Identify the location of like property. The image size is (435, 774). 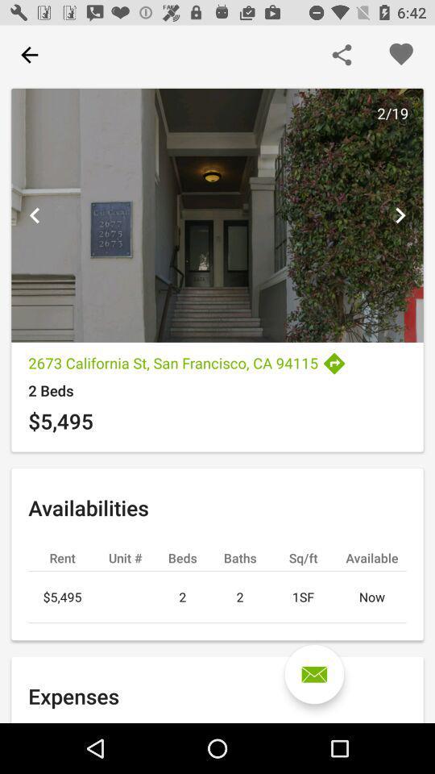
(400, 55).